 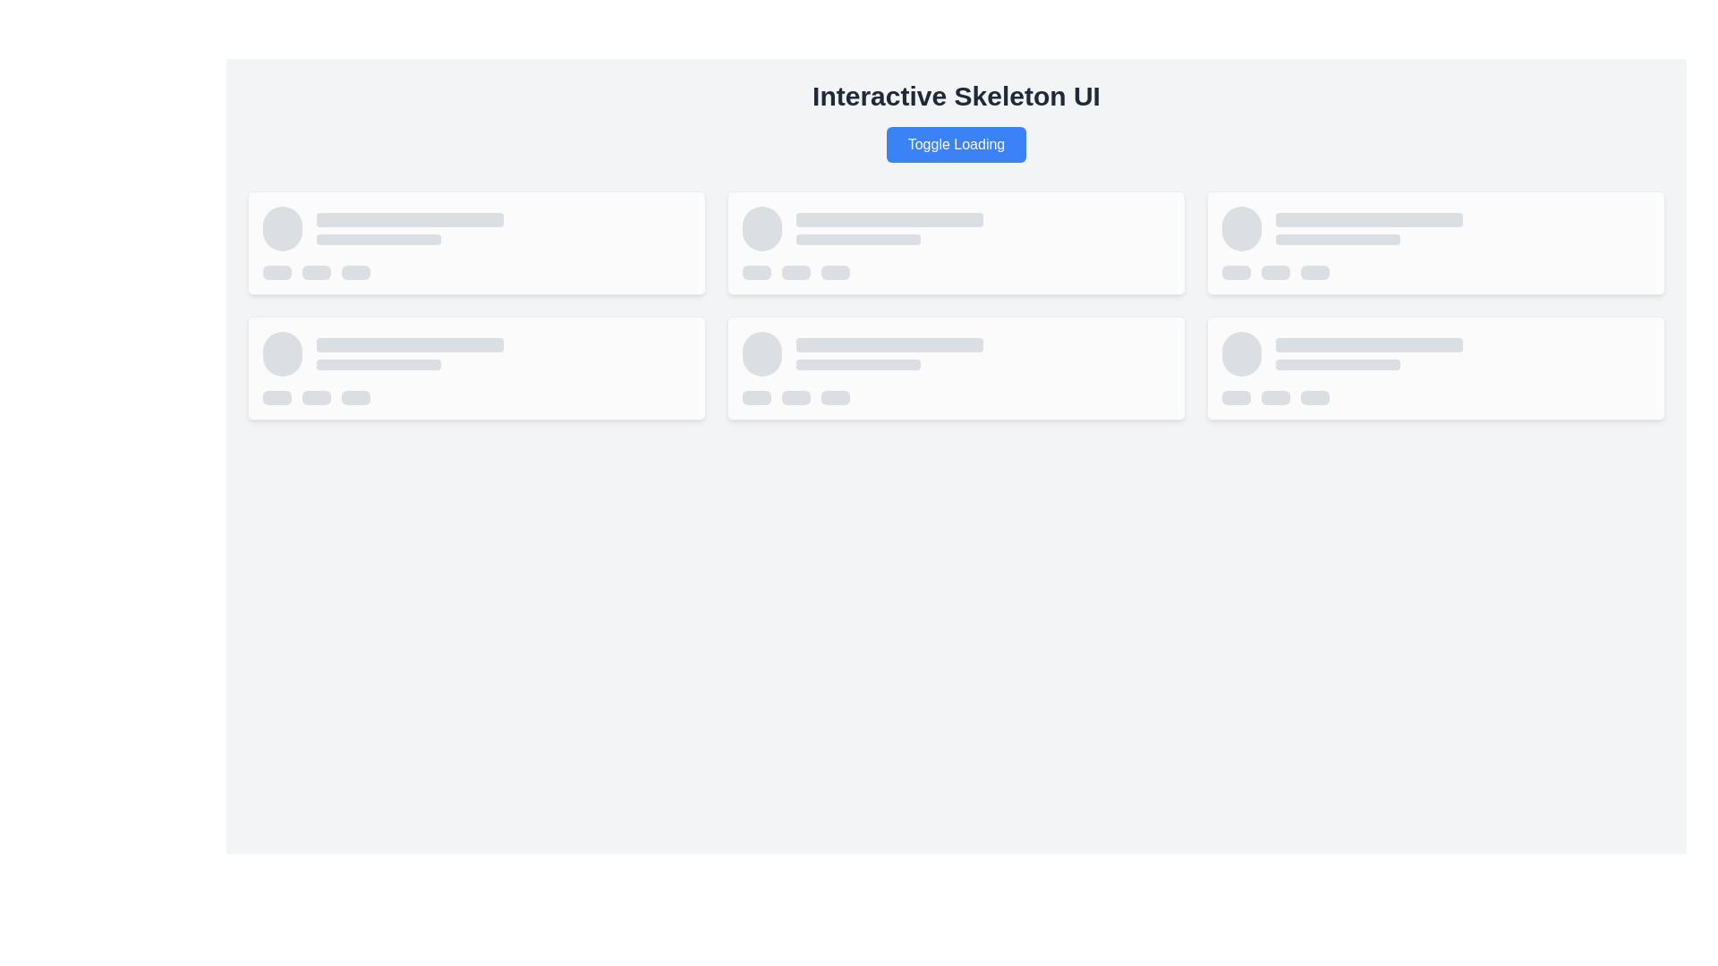 What do you see at coordinates (356, 272) in the screenshot?
I see `the disabled button, which is the third button in a horizontal stack of three buttons located in the upper-left section of the layout` at bounding box center [356, 272].